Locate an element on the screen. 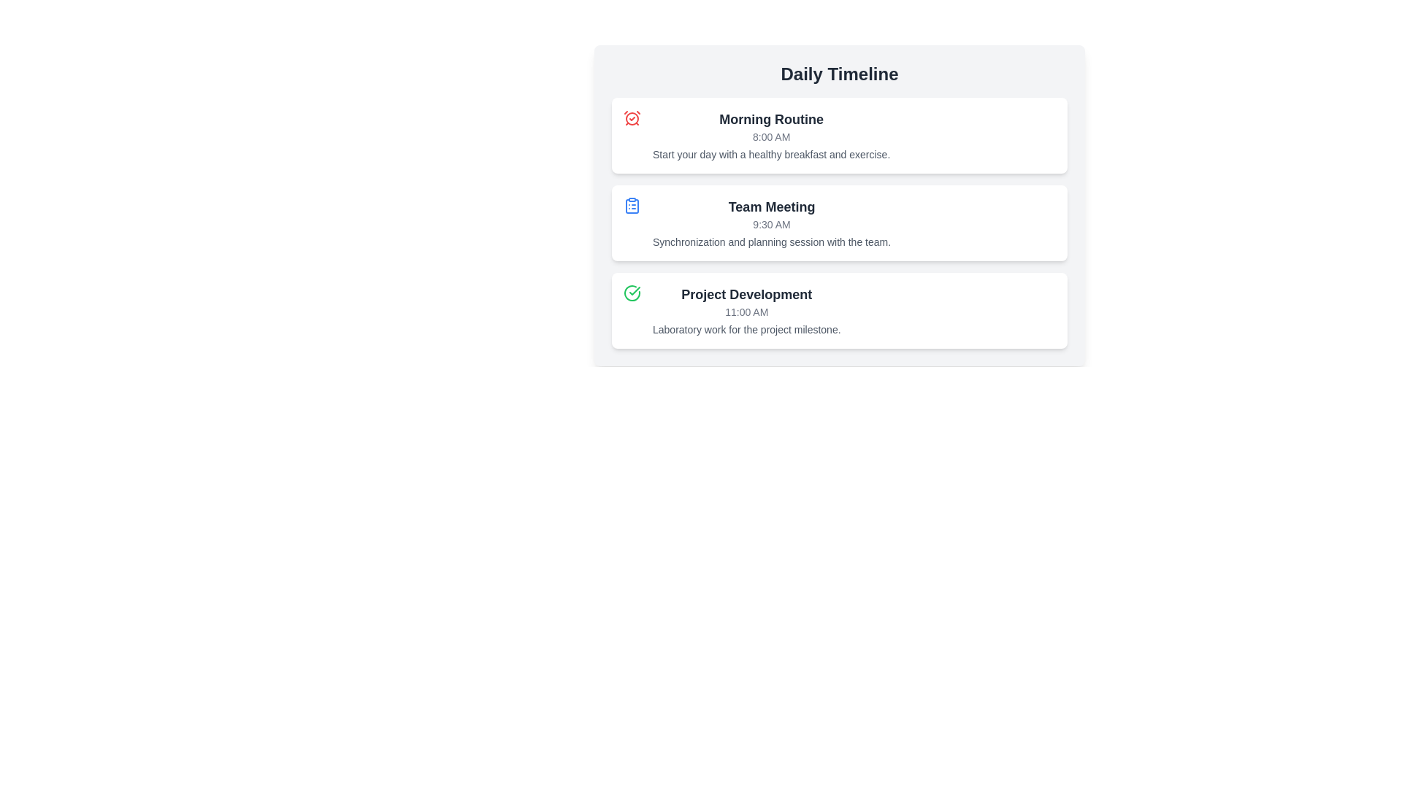 This screenshot has width=1402, height=788. static text element titled 'Project Development', which serves as a heading for the associated time and description of the event details is located at coordinates (746, 295).